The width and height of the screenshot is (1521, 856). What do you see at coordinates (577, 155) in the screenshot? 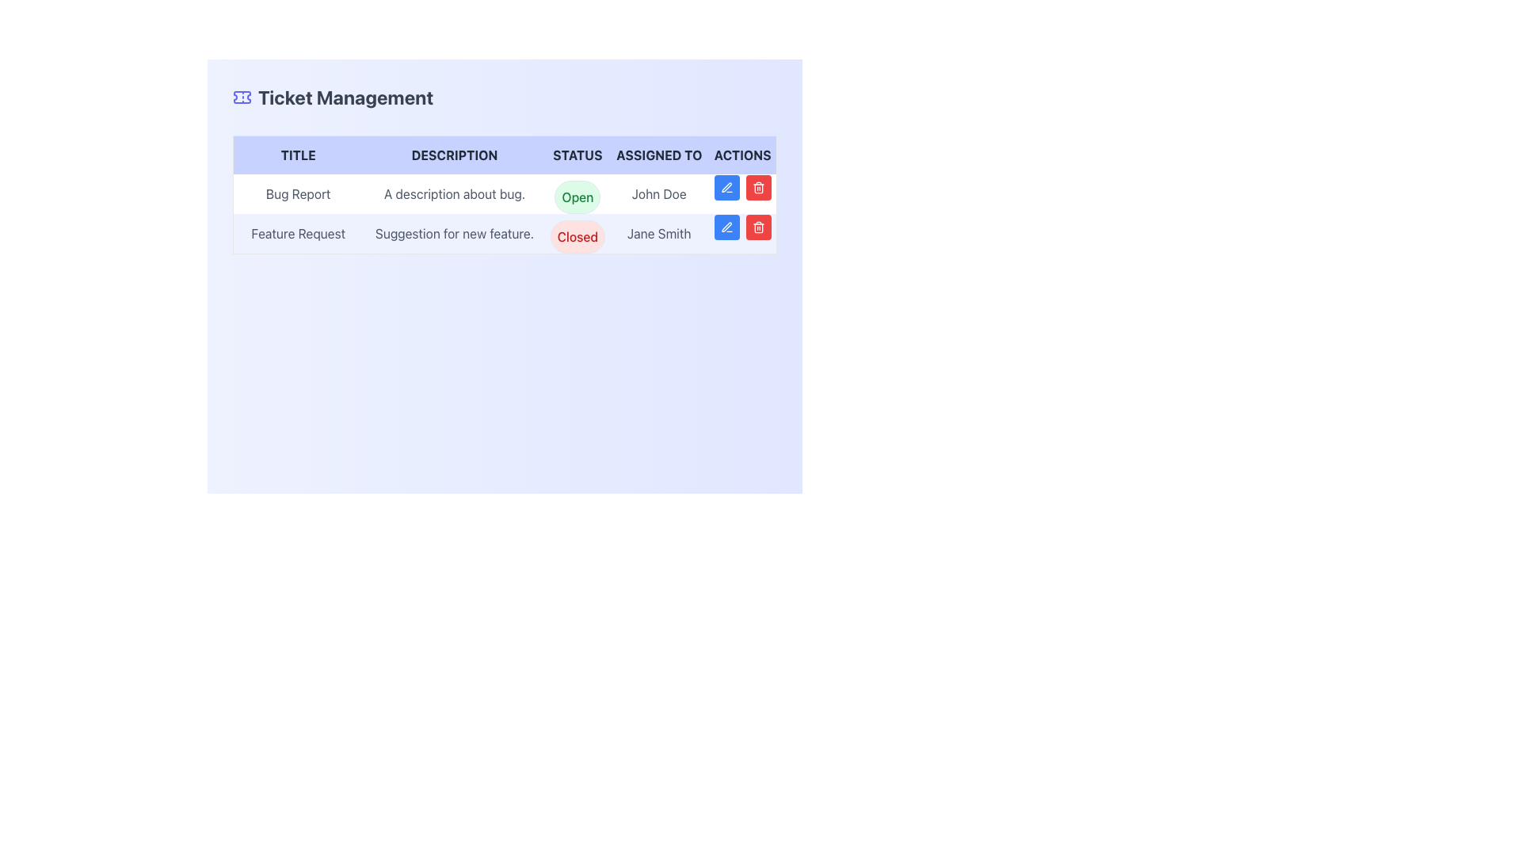
I see `the 'Status' header label in the table, which is the third label from the left, positioned between 'DESCRIPTION' and 'ASSIGNED TO'` at bounding box center [577, 155].